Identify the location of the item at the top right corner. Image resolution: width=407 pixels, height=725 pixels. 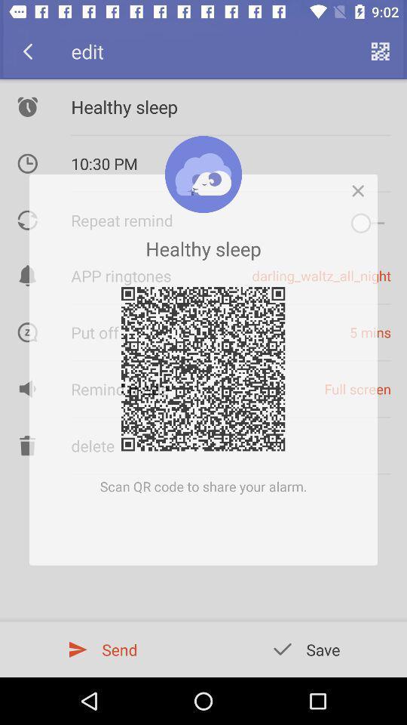
(361, 186).